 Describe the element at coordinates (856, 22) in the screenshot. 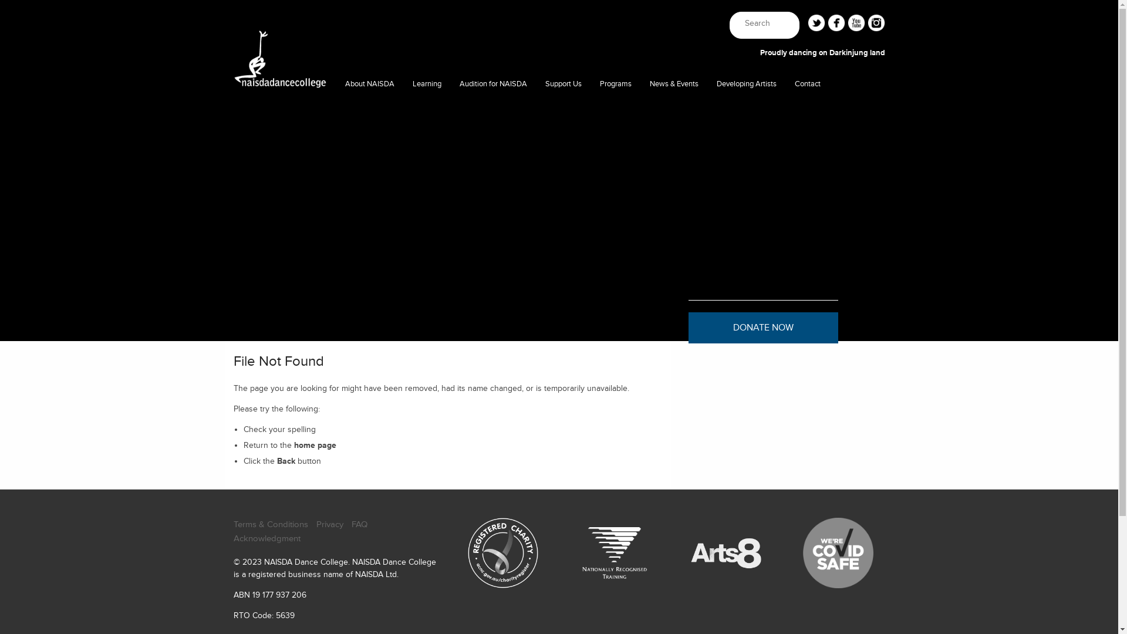

I see `'youtube'` at that location.